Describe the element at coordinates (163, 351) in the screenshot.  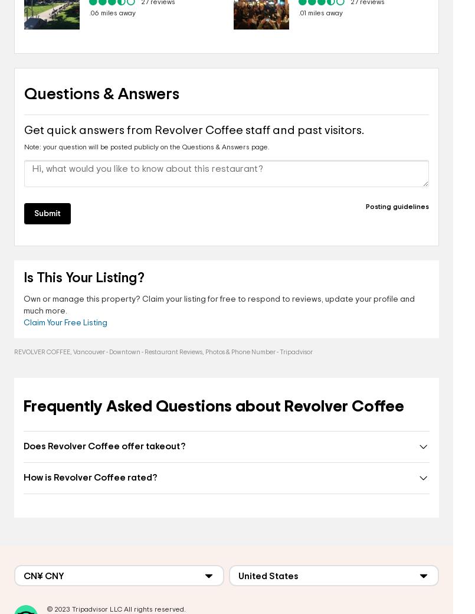
I see `'REVOLVER COFFEE, Vancouver - Downtown - Restaurant Reviews, Photos & Phone Number - Tripadvisor'` at that location.